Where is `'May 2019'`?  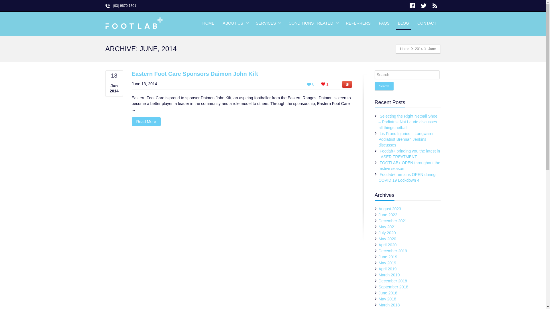 'May 2019' is located at coordinates (387, 263).